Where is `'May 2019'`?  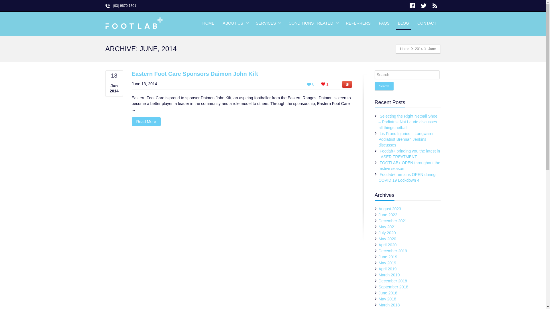 'May 2019' is located at coordinates (387, 263).